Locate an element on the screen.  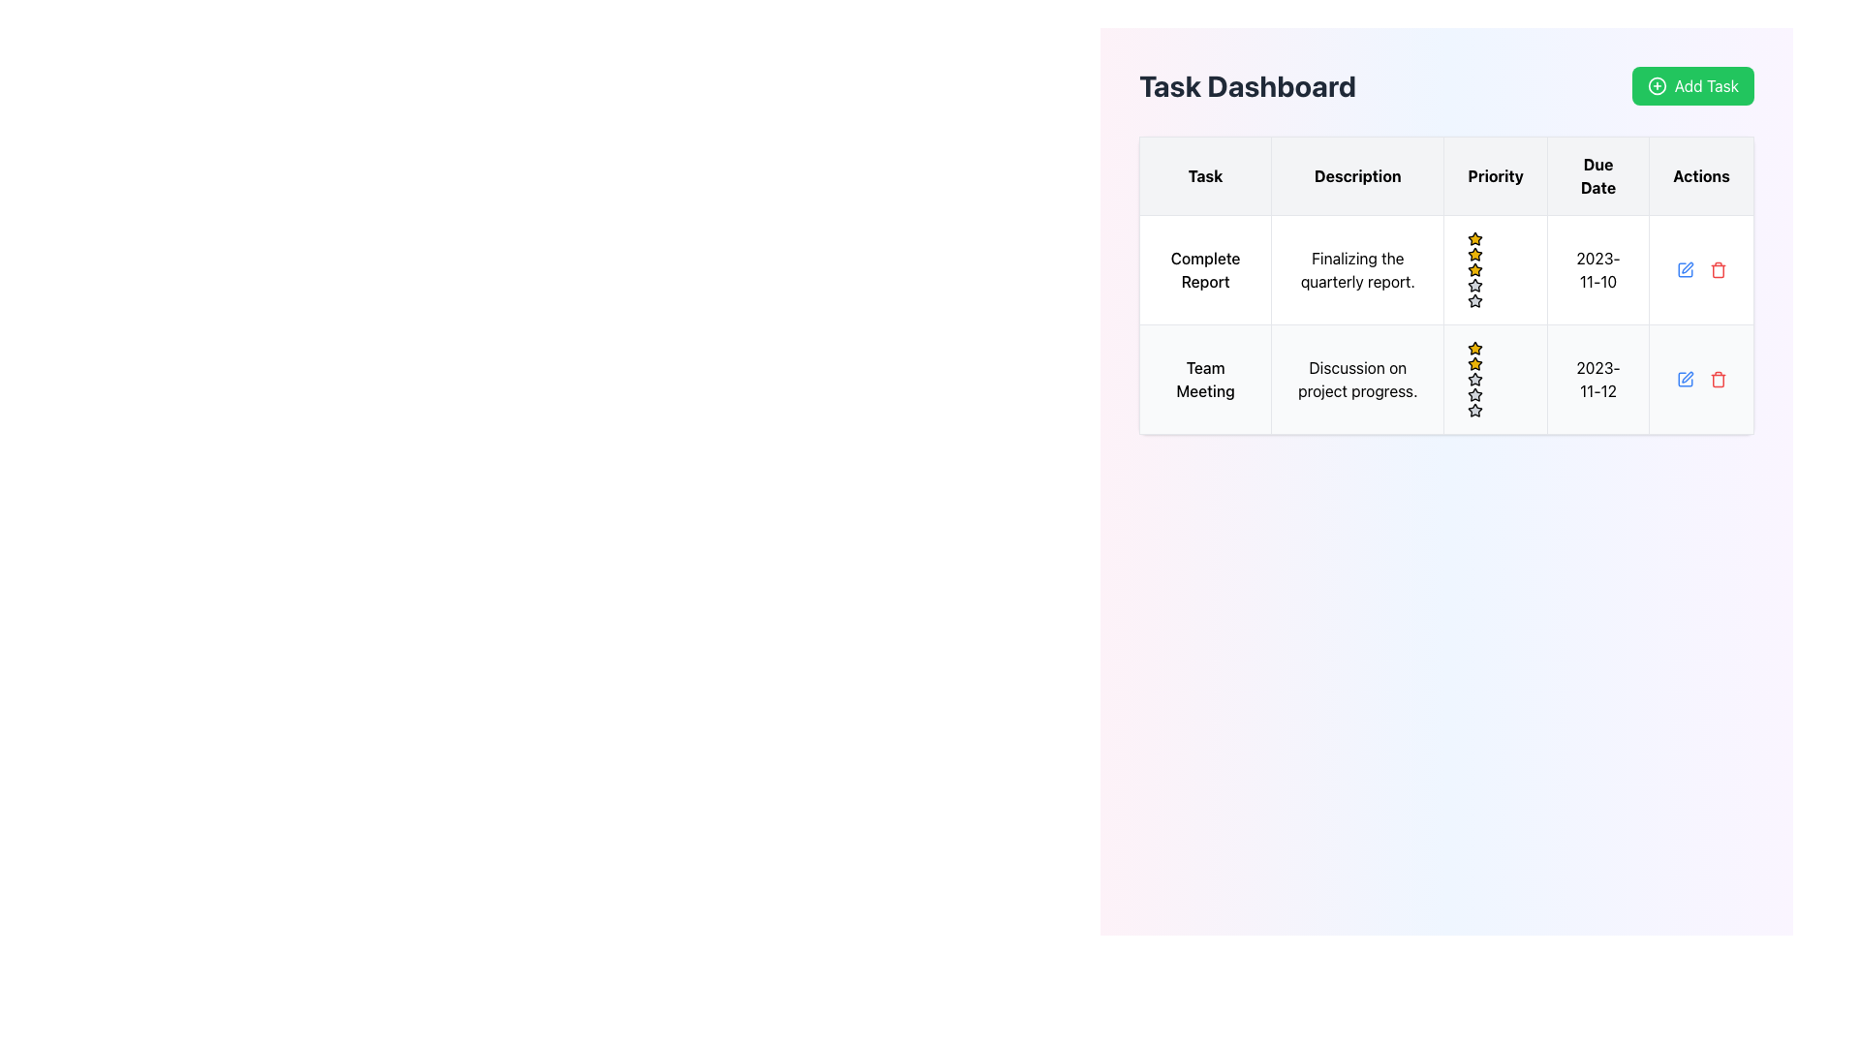
the first star icon in the priority rating system for the task 'Complete Report', which is located in the rightmost column of the first row of the table is located at coordinates (1474, 237).